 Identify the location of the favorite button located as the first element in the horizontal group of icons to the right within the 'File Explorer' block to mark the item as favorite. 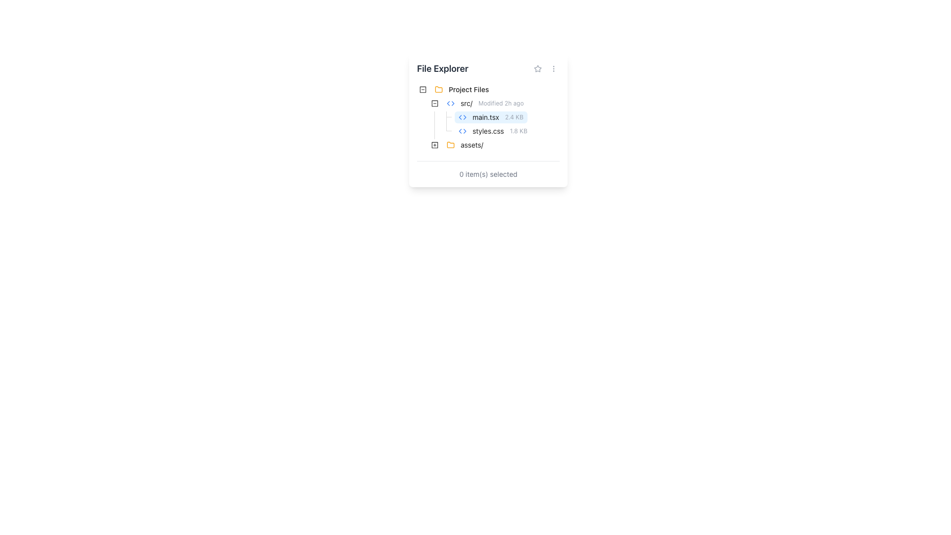
(537, 68).